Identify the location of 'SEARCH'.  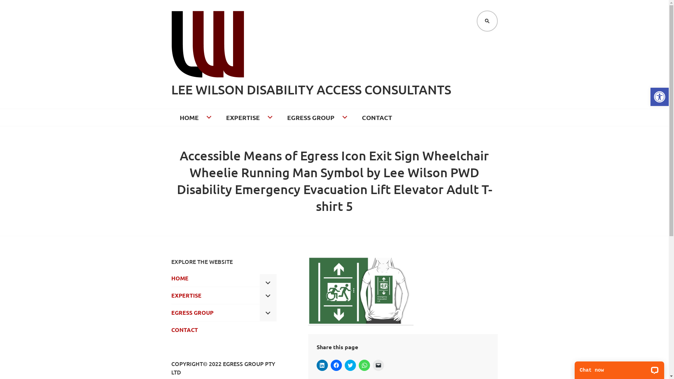
(487, 21).